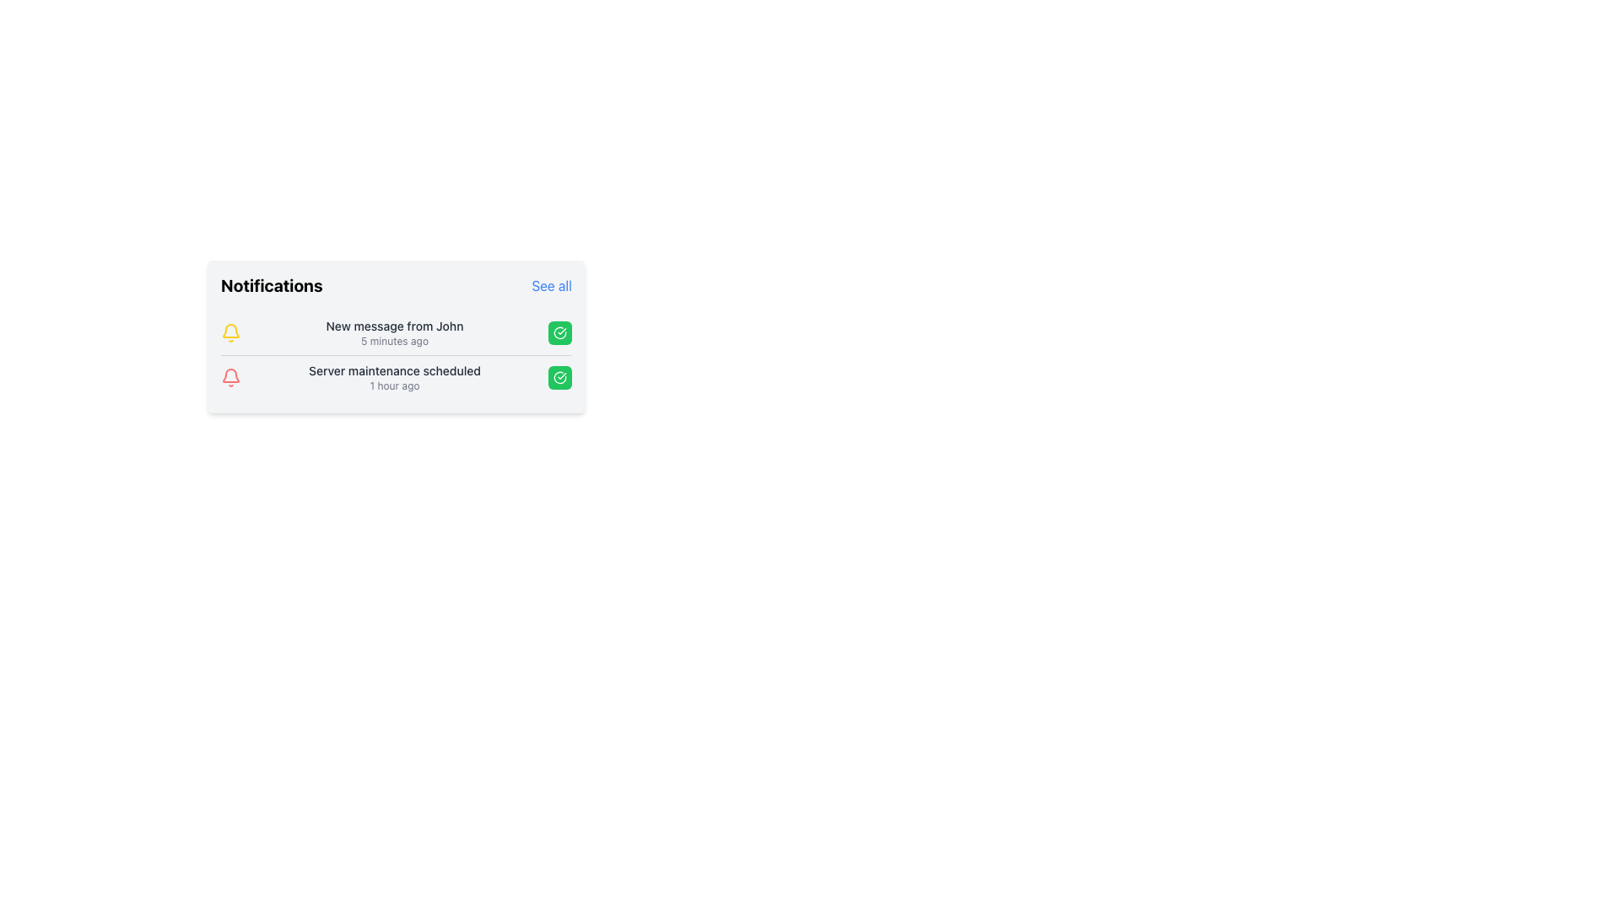  Describe the element at coordinates (229, 332) in the screenshot. I see `the bright yellow bell-shaped notification icon located to the left of the text 'New message from John' within the upper notification entry` at that location.